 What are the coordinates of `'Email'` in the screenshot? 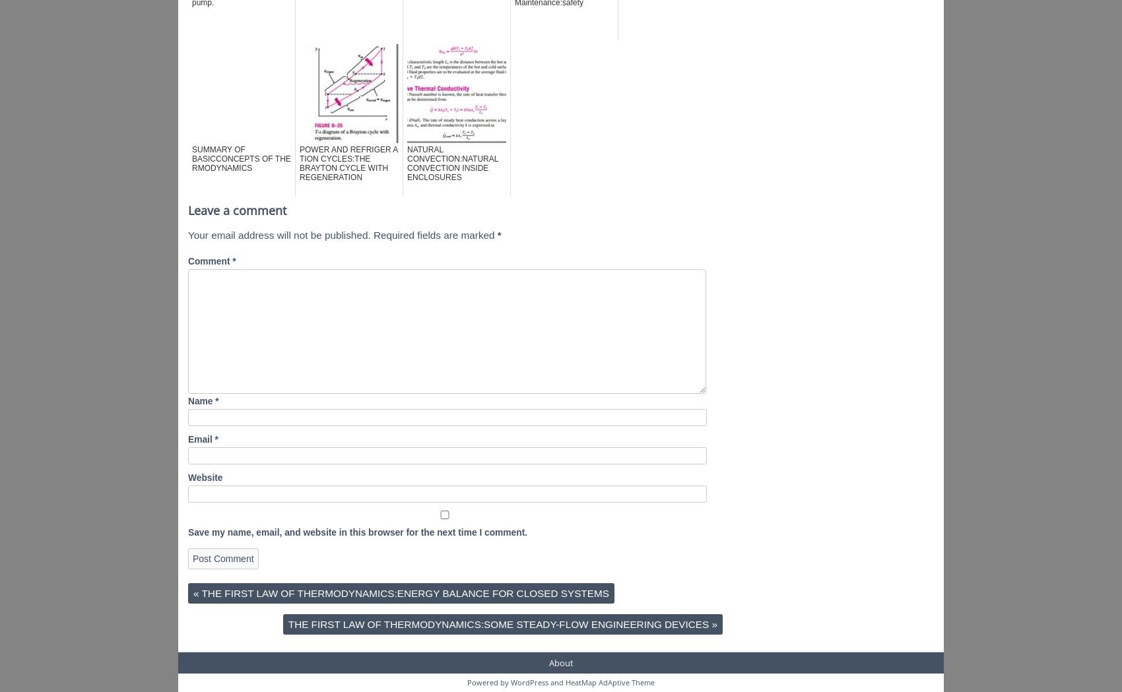 It's located at (201, 438).